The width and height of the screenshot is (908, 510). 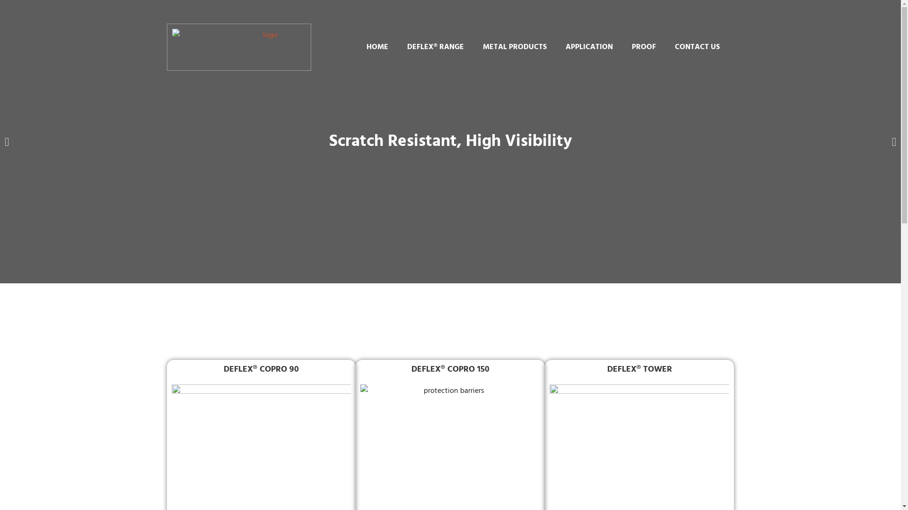 What do you see at coordinates (589, 47) in the screenshot?
I see `'APPLICATION'` at bounding box center [589, 47].